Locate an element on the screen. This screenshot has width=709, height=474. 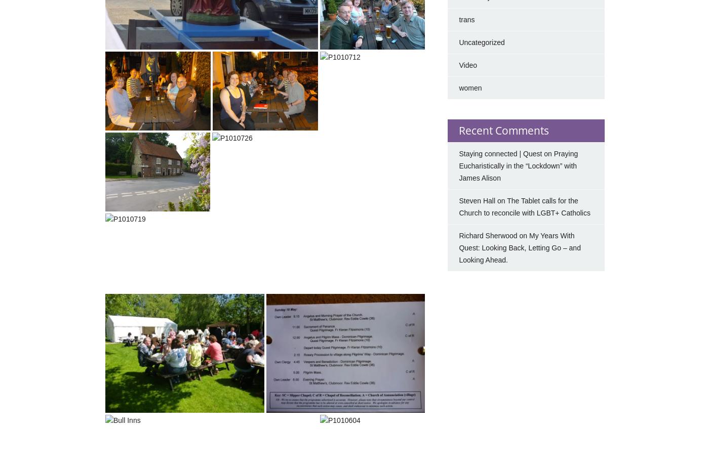
'My Years With Quest: Looking Back, Letting Go – and Looking Ahead.' is located at coordinates (520, 247).